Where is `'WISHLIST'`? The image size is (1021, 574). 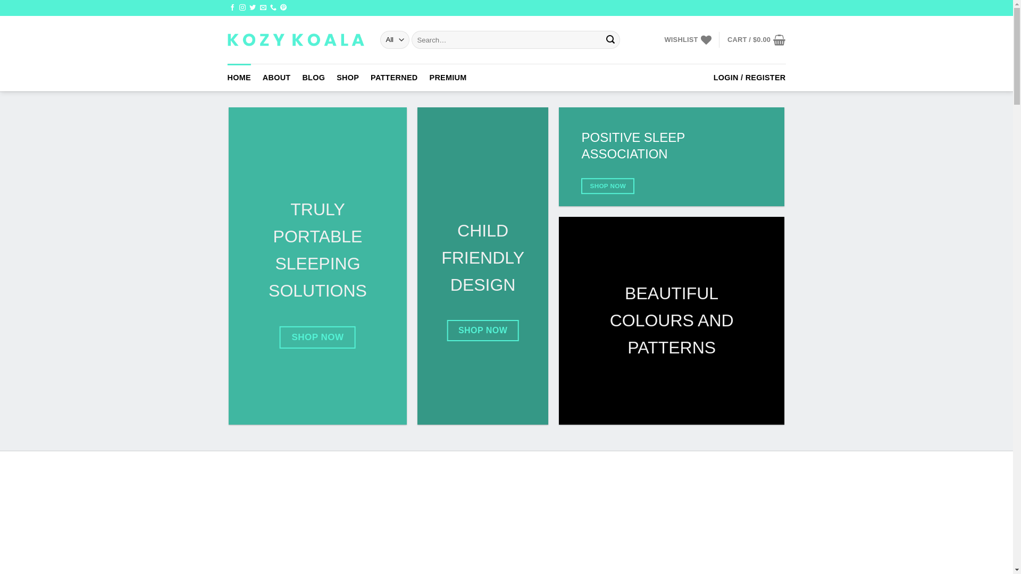 'WISHLIST' is located at coordinates (687, 39).